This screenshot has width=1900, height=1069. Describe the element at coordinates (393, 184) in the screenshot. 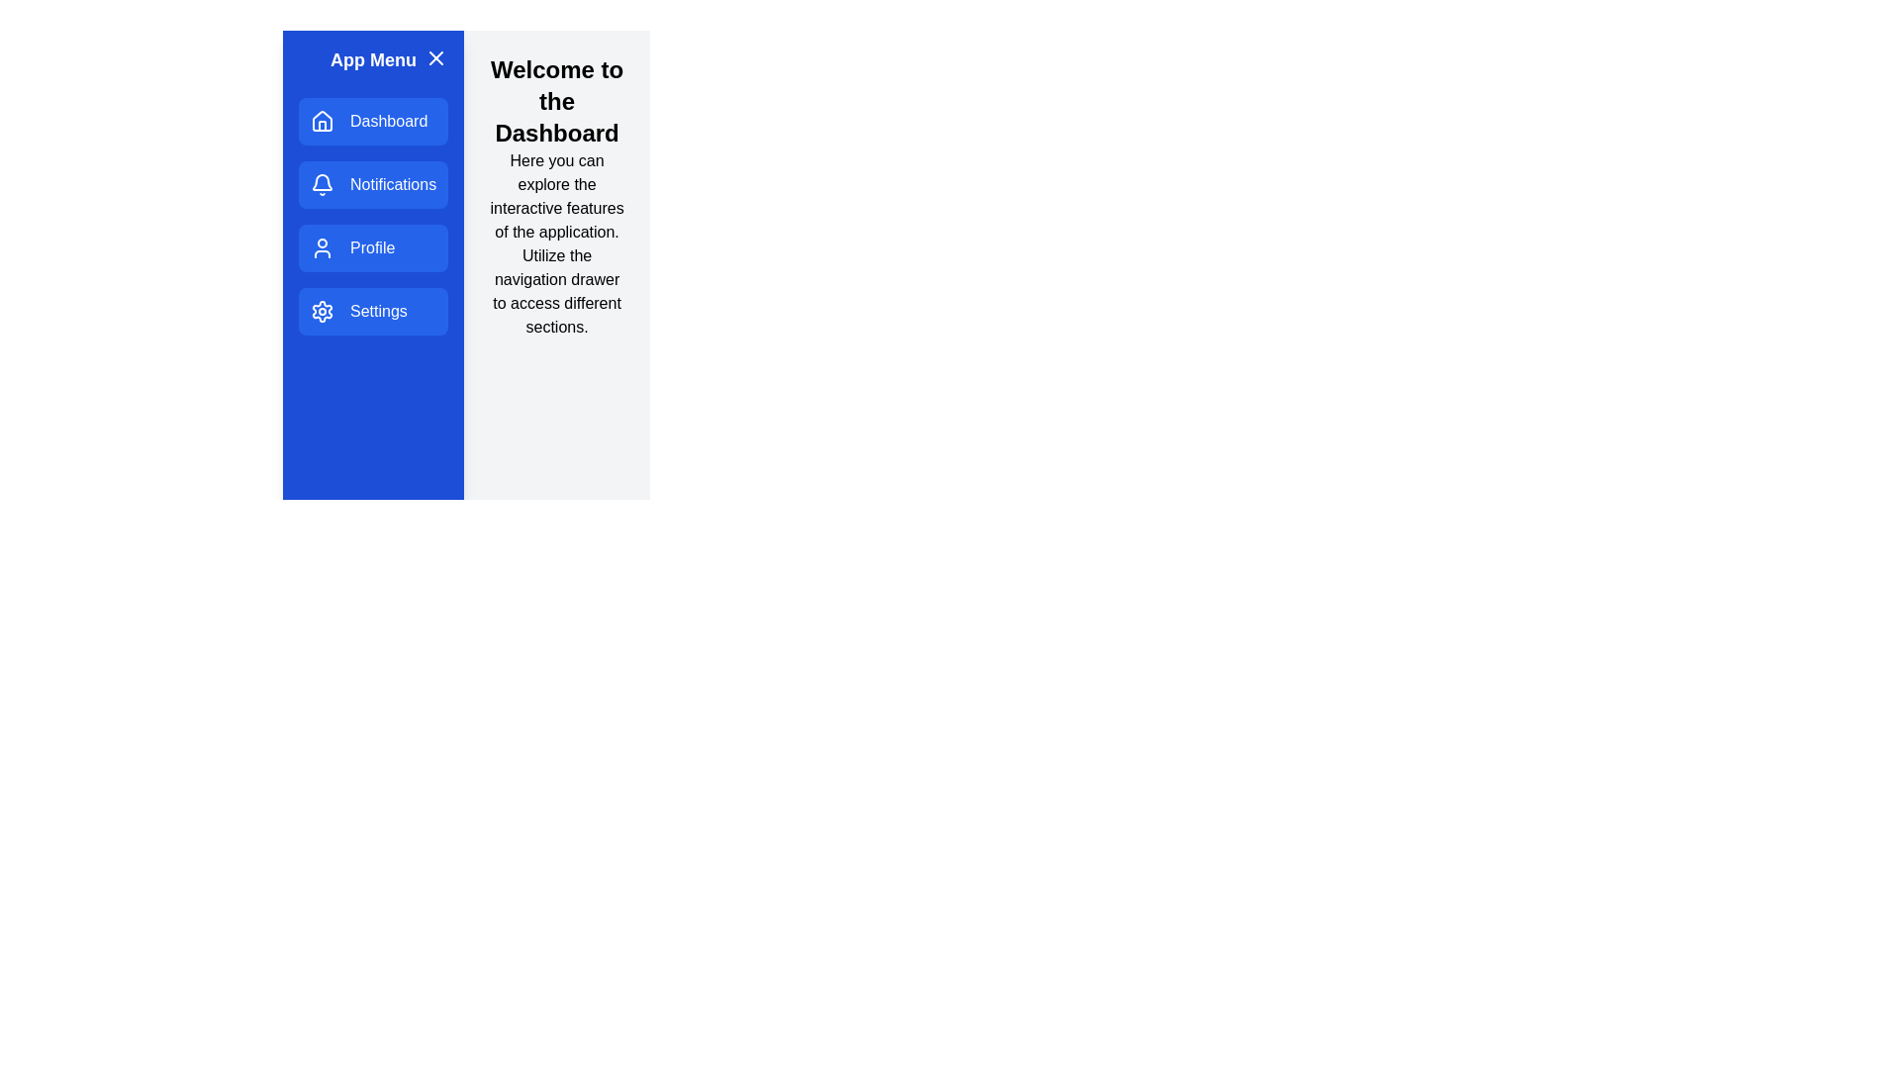

I see `the 'Notifications' text label, which is styled in white on a blue background and is located in the second button of the vertical menu on the left side of the interface, between the 'Dashboard' and 'Profile' buttons` at that location.